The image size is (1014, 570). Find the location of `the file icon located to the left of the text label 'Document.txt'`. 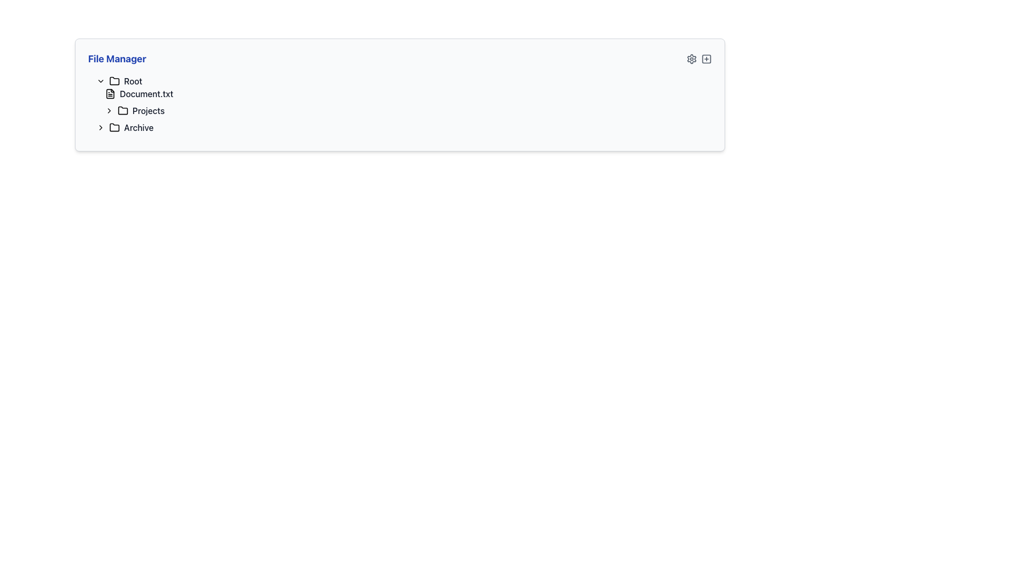

the file icon located to the left of the text label 'Document.txt' is located at coordinates (110, 93).